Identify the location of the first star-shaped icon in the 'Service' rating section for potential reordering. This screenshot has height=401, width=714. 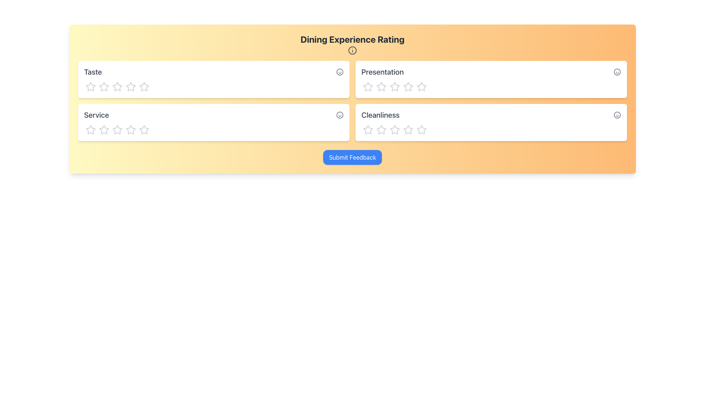
(90, 129).